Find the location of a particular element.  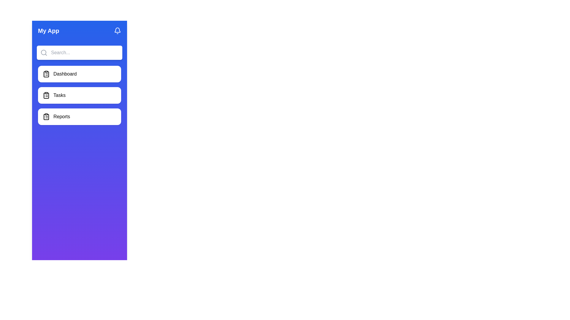

the list item labeled Dashboard is located at coordinates (79, 74).